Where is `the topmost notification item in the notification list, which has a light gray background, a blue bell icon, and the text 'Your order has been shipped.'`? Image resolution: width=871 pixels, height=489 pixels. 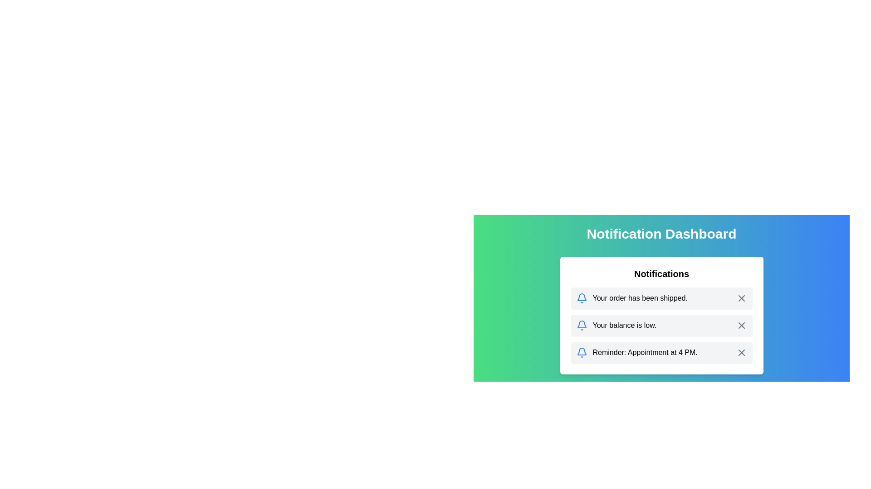 the topmost notification item in the notification list, which has a light gray background, a blue bell icon, and the text 'Your order has been shipped.' is located at coordinates (661, 298).